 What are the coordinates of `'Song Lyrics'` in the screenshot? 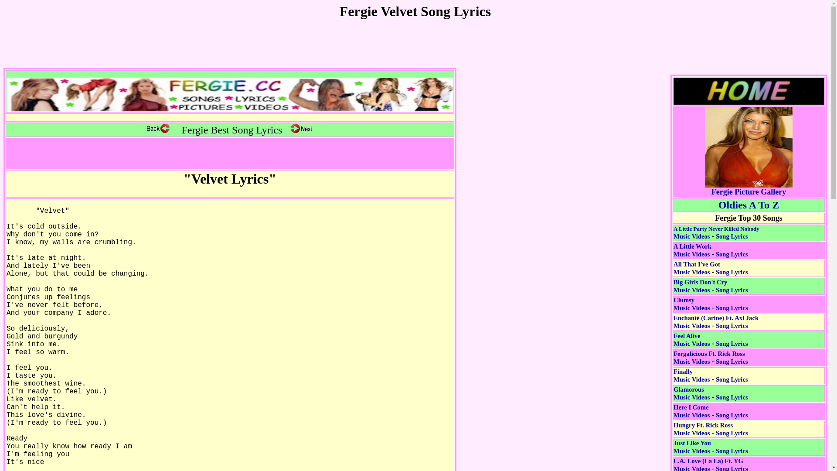 It's located at (732, 236).